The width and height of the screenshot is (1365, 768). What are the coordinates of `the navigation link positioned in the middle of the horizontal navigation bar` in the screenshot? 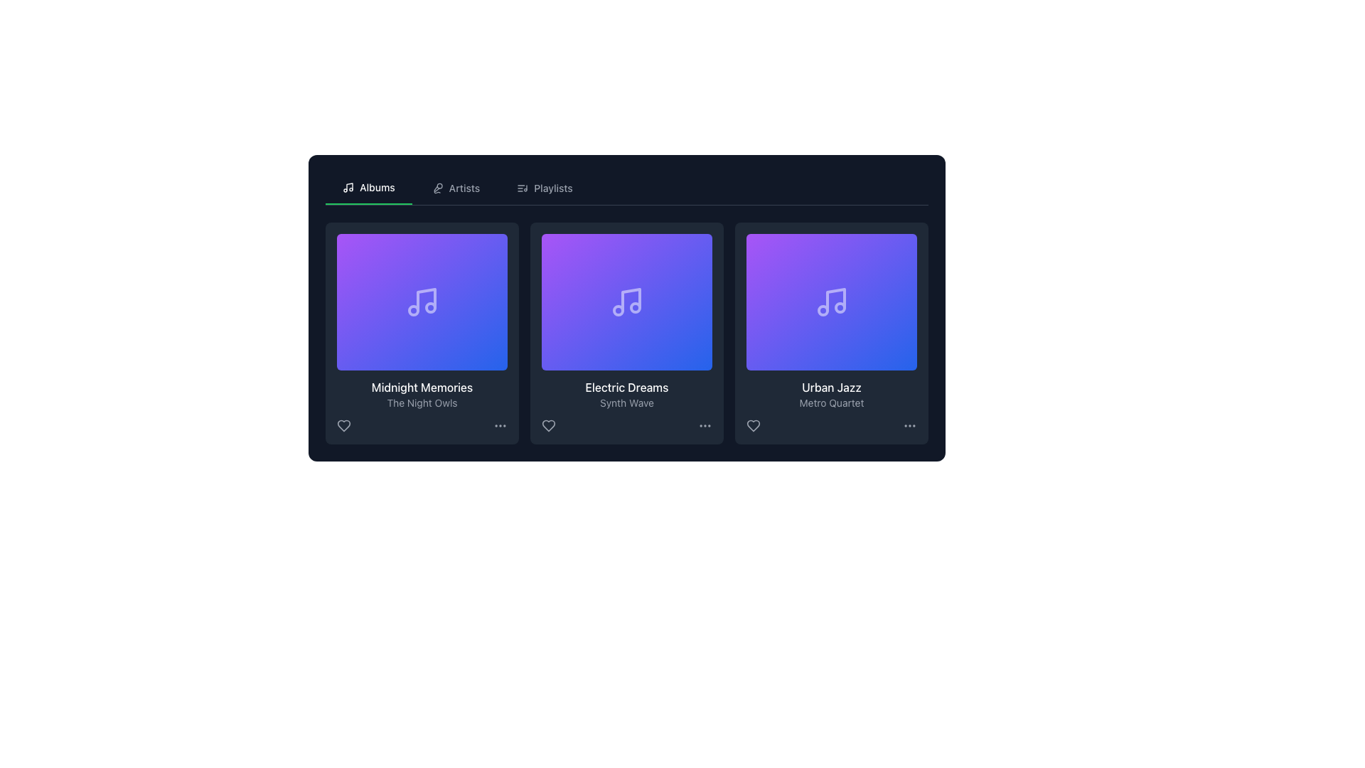 It's located at (456, 188).